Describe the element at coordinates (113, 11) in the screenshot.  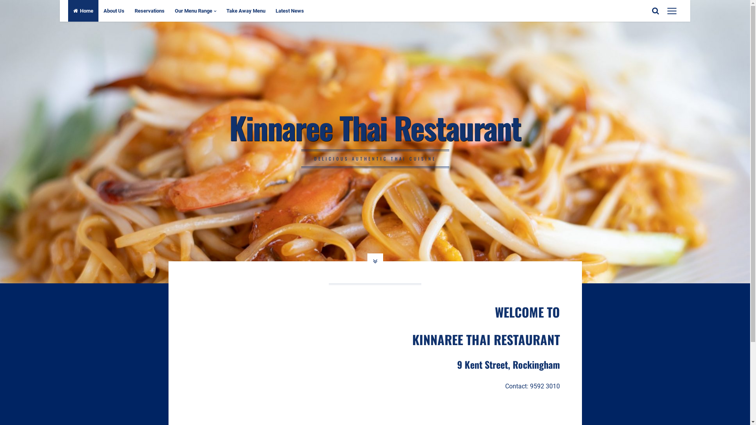
I see `'About Us'` at that location.